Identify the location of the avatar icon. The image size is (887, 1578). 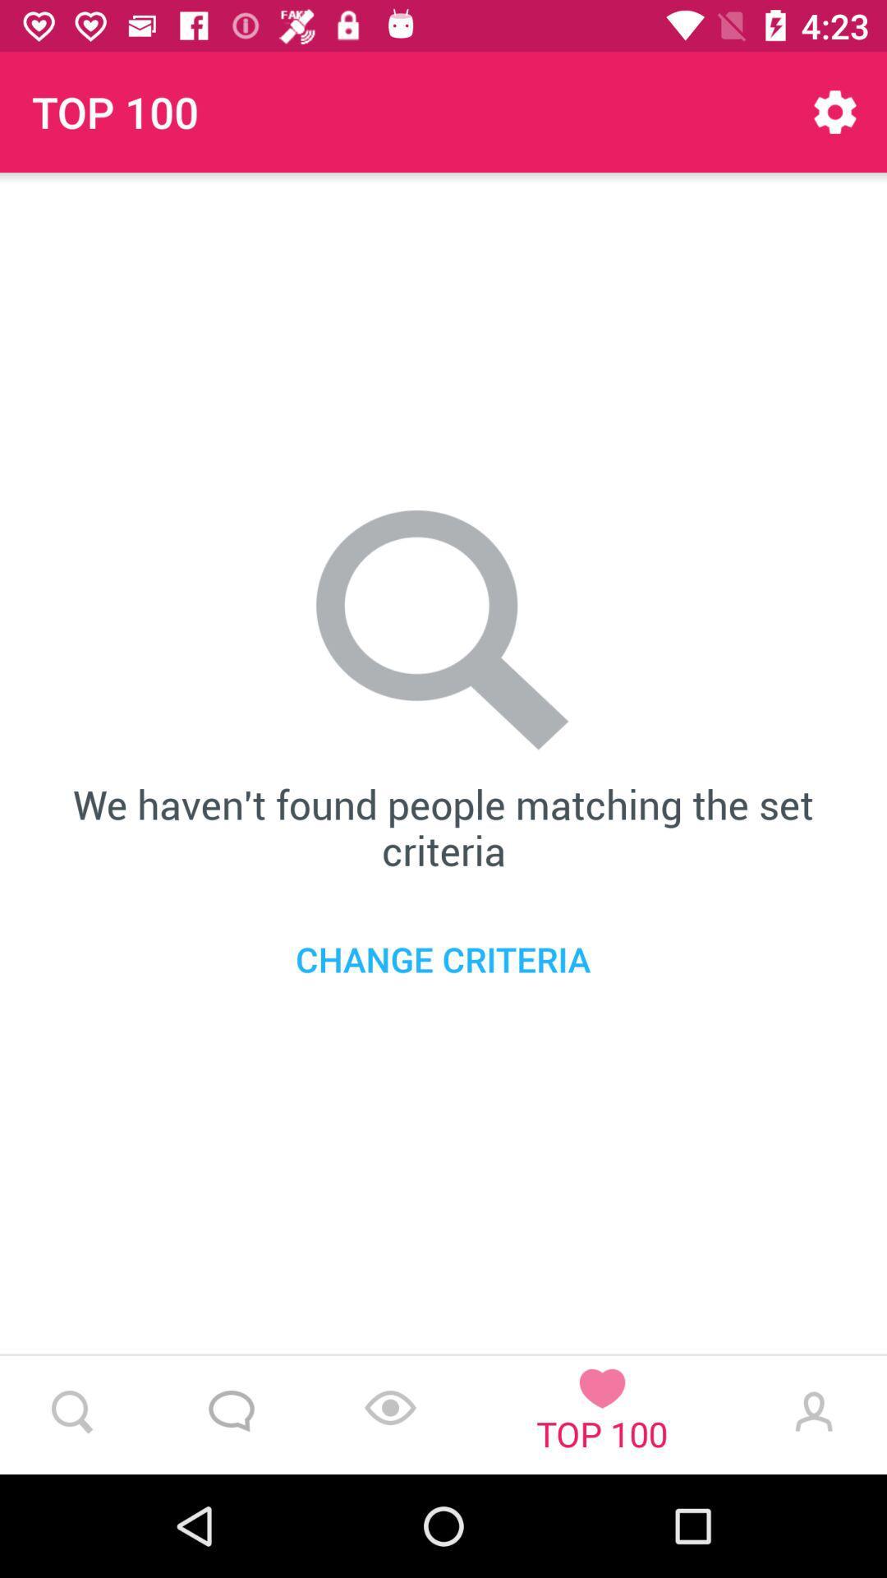
(810, 1414).